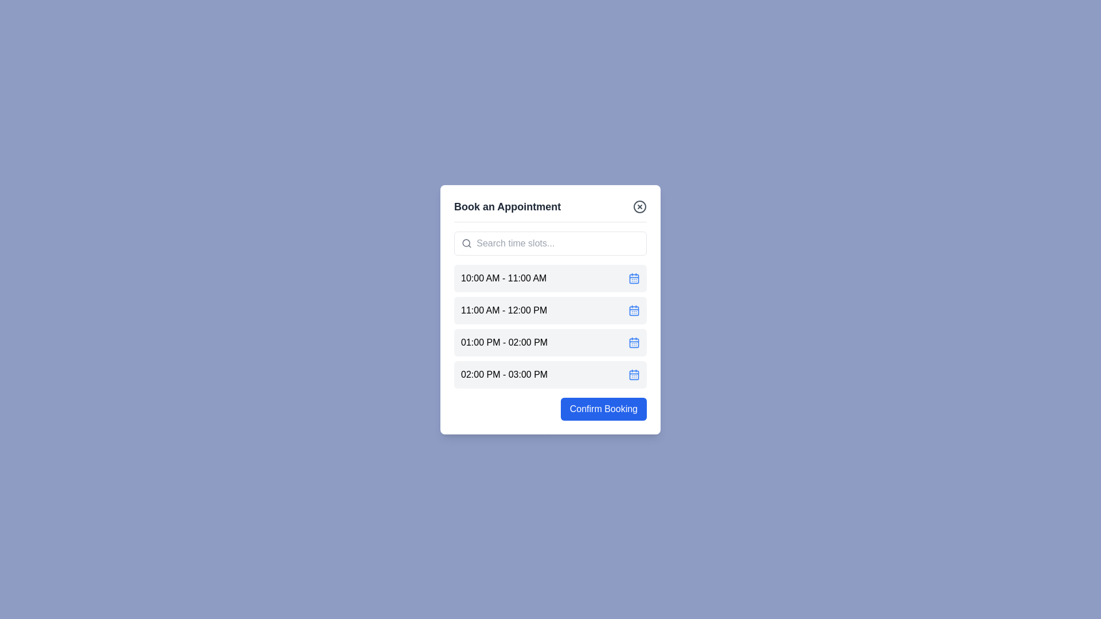 This screenshot has width=1101, height=619. What do you see at coordinates (504, 310) in the screenshot?
I see `the text of the time slot 11:00 AM - 12:00 PM to select it` at bounding box center [504, 310].